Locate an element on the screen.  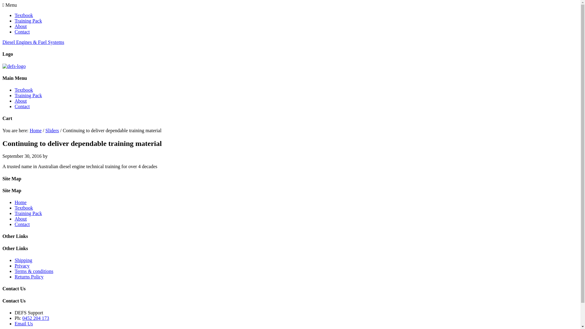
'0452 204 173' is located at coordinates (35, 318).